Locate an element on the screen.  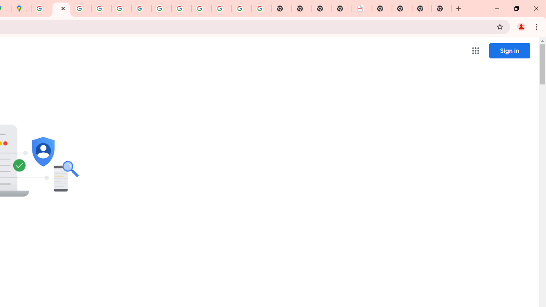
'Privacy Help Center - Policies Help' is located at coordinates (101, 9).